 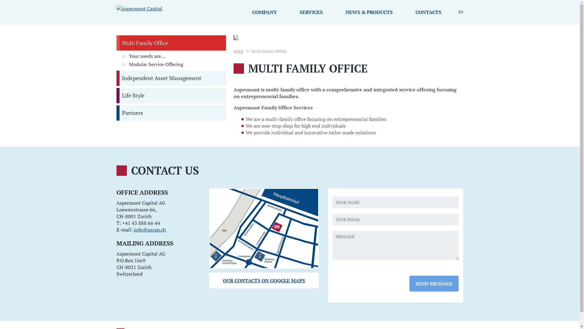 I want to click on 'SERVICES', so click(x=311, y=12).